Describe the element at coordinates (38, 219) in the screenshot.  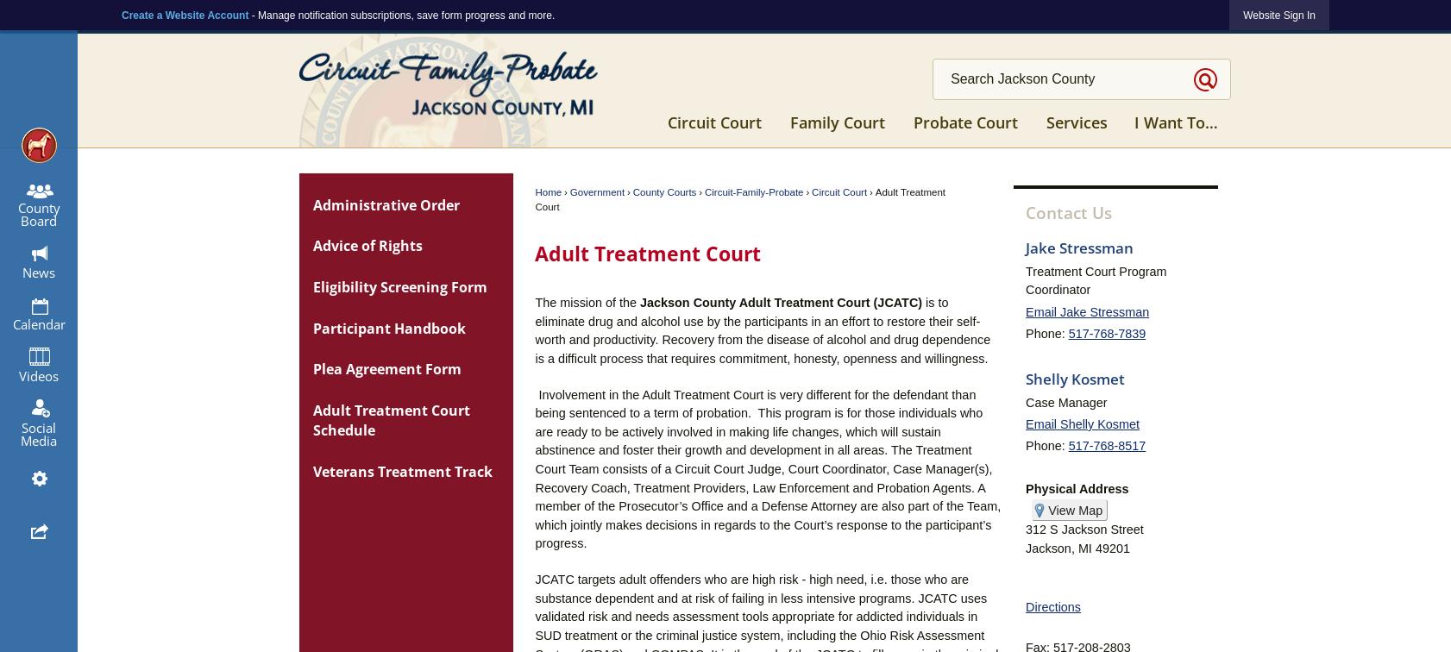
I see `'Board'` at that location.